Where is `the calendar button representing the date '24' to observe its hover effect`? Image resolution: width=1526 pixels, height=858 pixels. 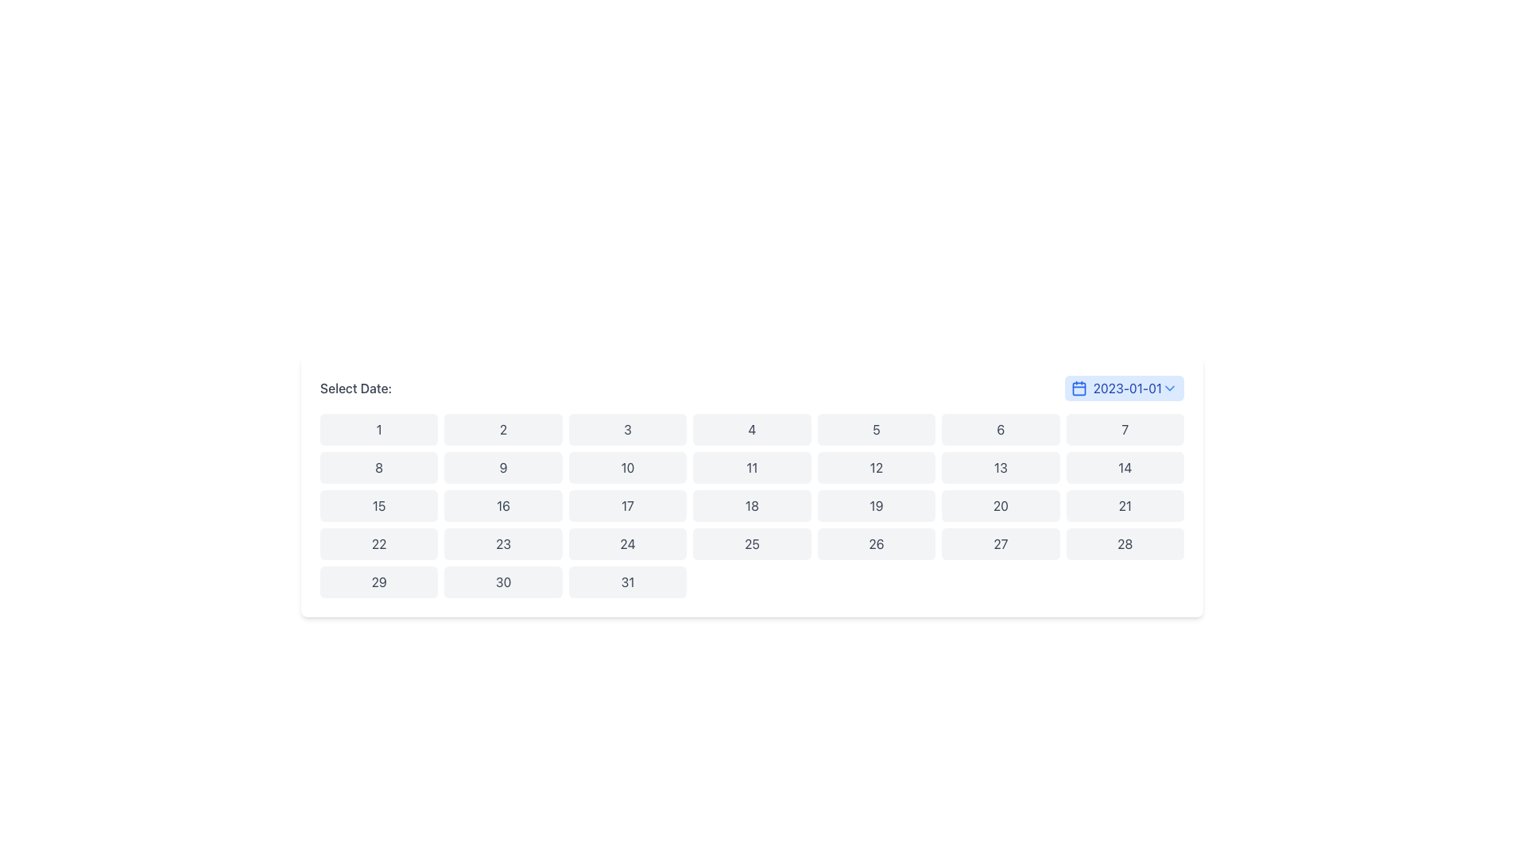
the calendar button representing the date '24' to observe its hover effect is located at coordinates (627, 543).